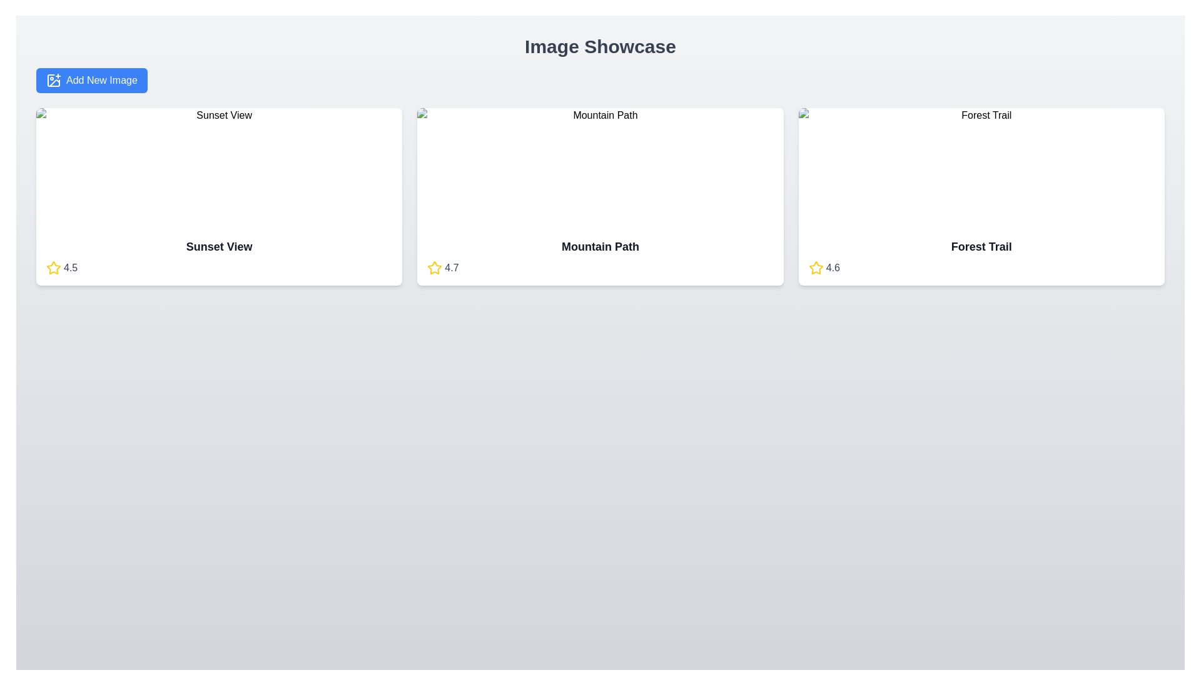  Describe the element at coordinates (981, 256) in the screenshot. I see `the Text and Icon Display located at the bottom section of the rightmost card in a group of three cards` at that location.